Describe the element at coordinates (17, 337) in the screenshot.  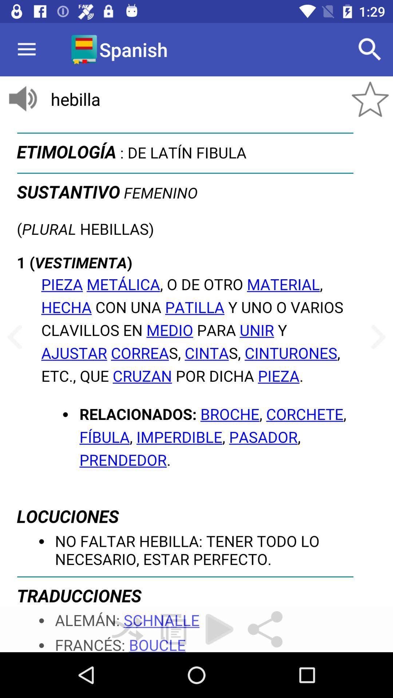
I see `the arrow_backward icon` at that location.